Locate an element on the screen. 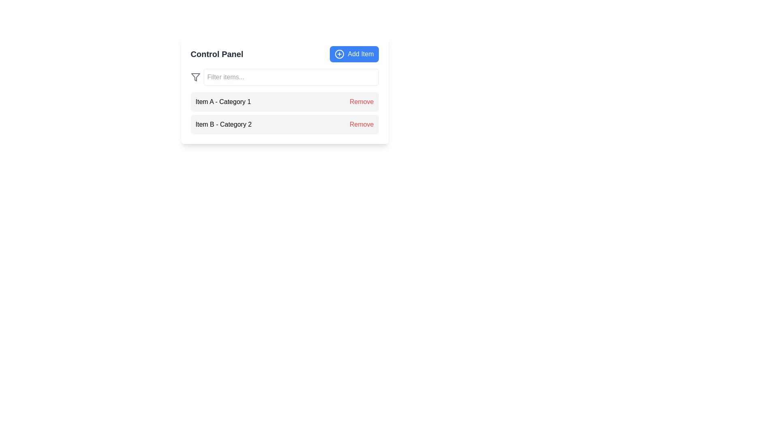 This screenshot has height=437, width=778. the text-based button component that triggers the removal of 'Item A - Category 1' from the list to potentially see additional styling or behavior is located at coordinates (361, 101).